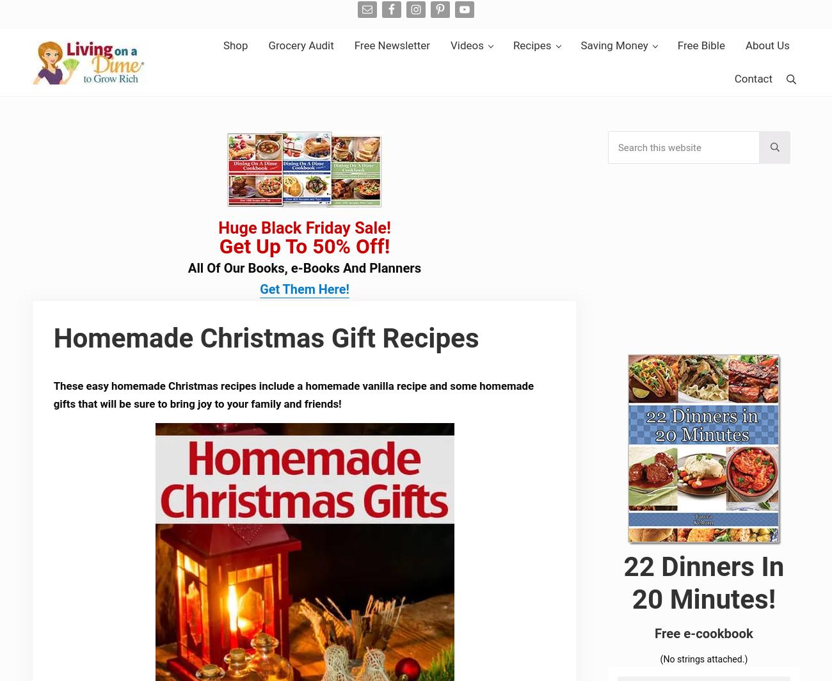 The width and height of the screenshot is (832, 681). Describe the element at coordinates (703, 583) in the screenshot. I see `'22 Dinners In 20 Minutes!'` at that location.